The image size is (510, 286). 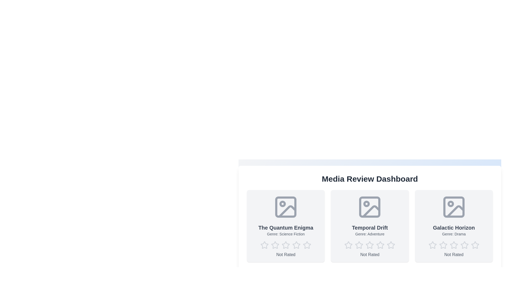 I want to click on the media card for Galactic Horizon, so click(x=453, y=226).